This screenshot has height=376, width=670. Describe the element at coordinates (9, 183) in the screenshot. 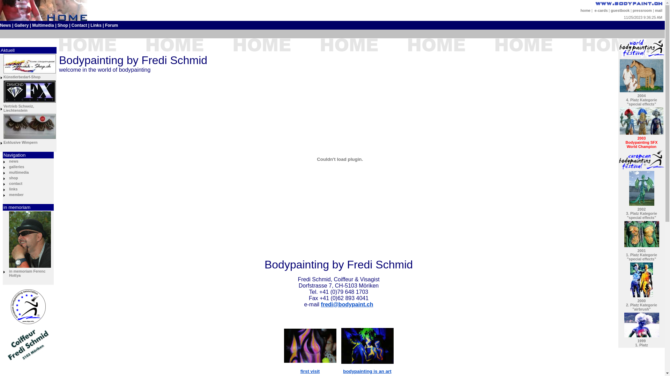

I see `'contact'` at that location.